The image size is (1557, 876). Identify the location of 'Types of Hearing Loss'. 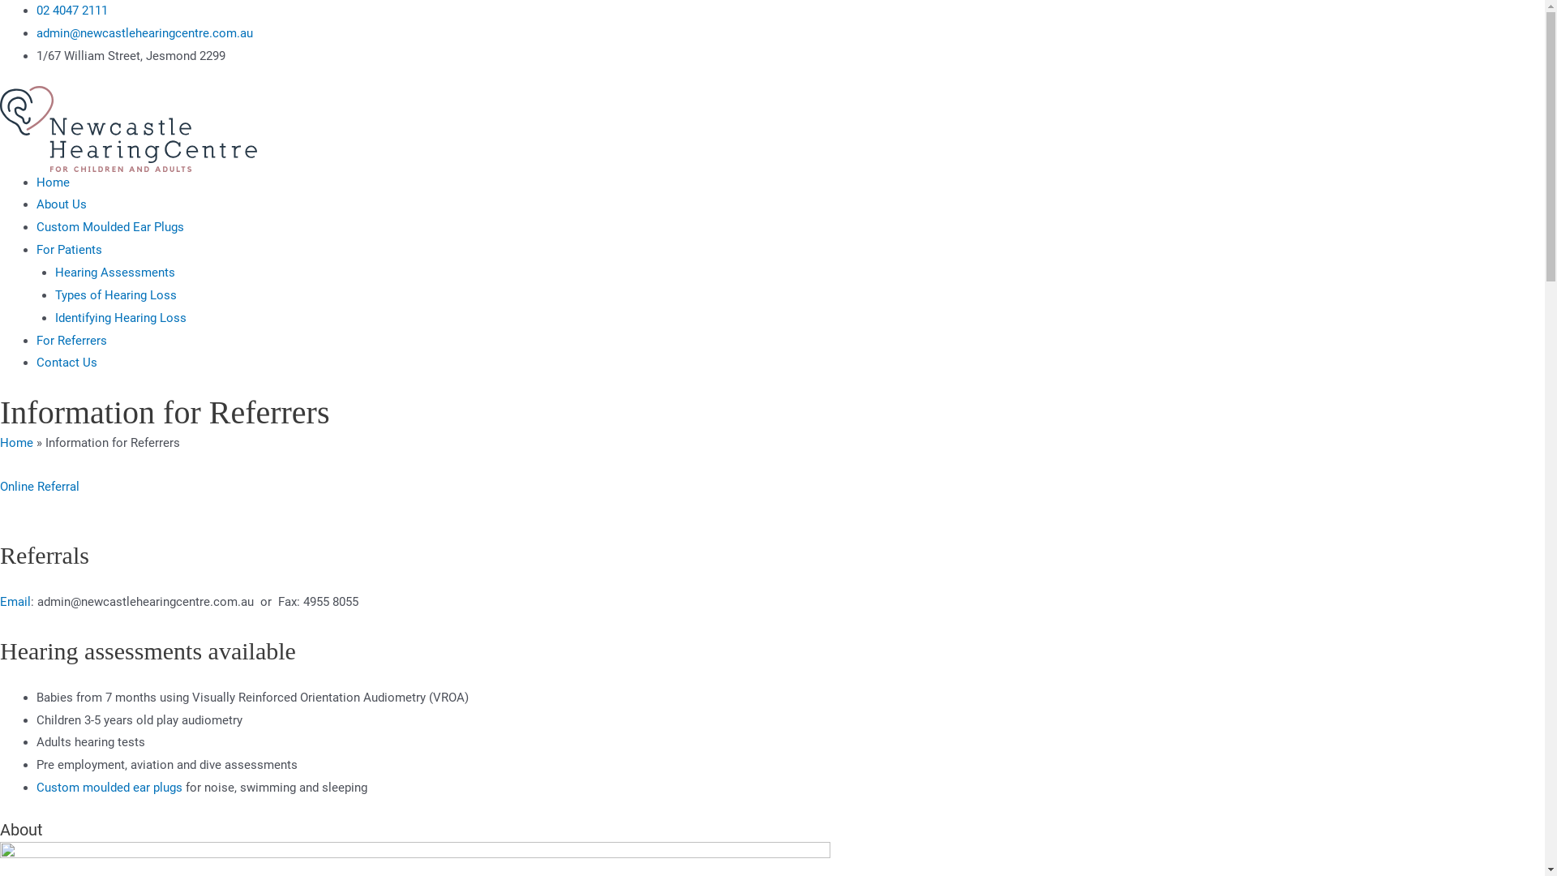
(115, 294).